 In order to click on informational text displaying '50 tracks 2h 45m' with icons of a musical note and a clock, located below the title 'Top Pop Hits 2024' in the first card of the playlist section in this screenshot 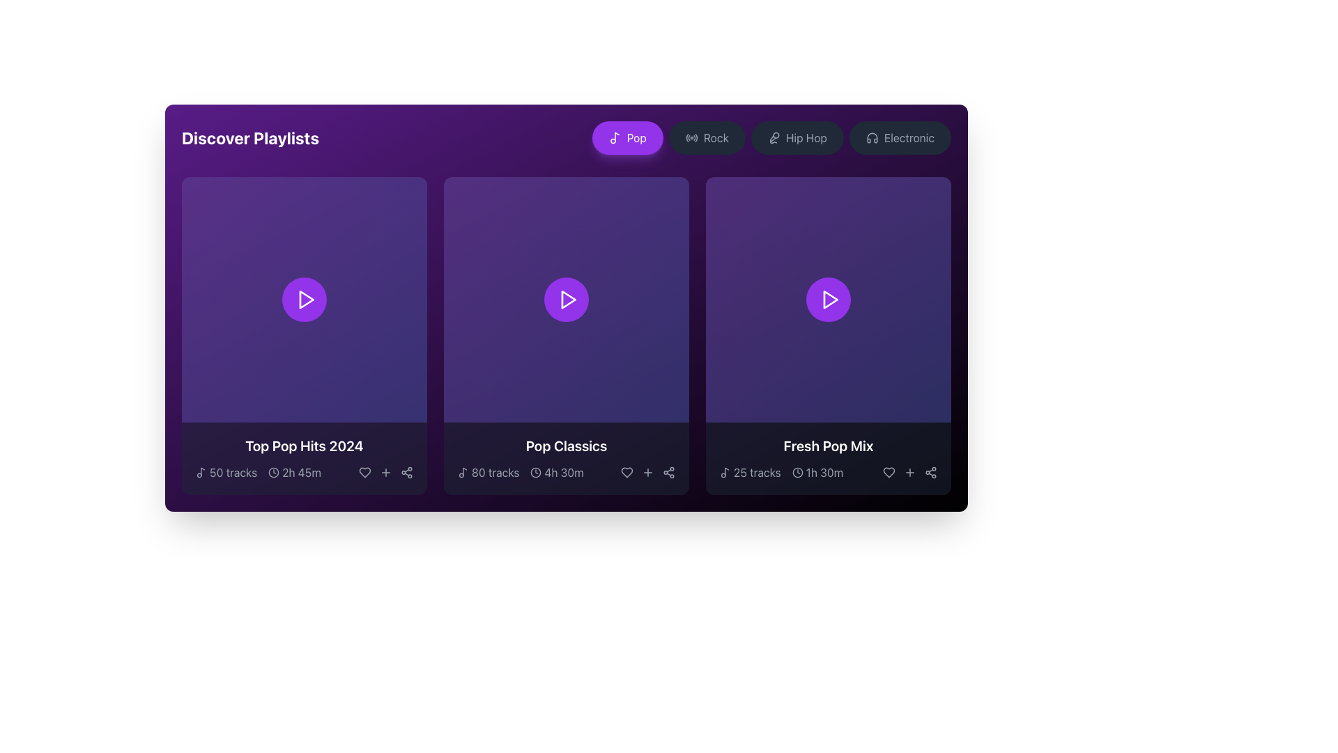, I will do `click(258, 472)`.